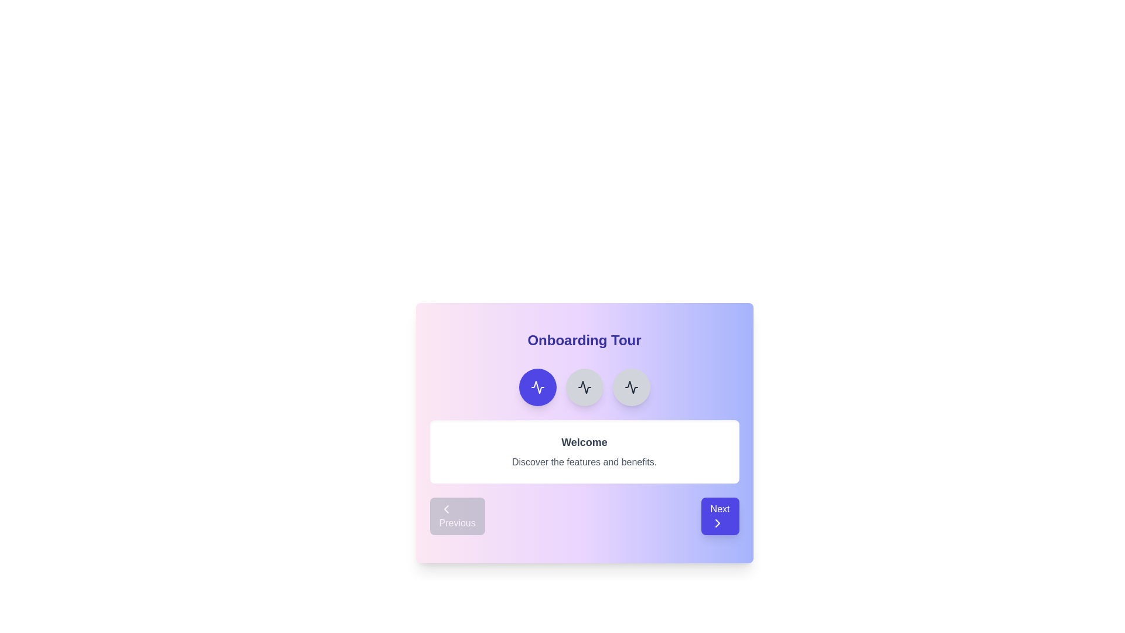 The height and width of the screenshot is (633, 1125). Describe the element at coordinates (584, 451) in the screenshot. I see `the informational message box that is centrally positioned beneath circular icons and above the navigation buttons labeled 'Previous' and 'Next', as part of the onboarding process` at that location.